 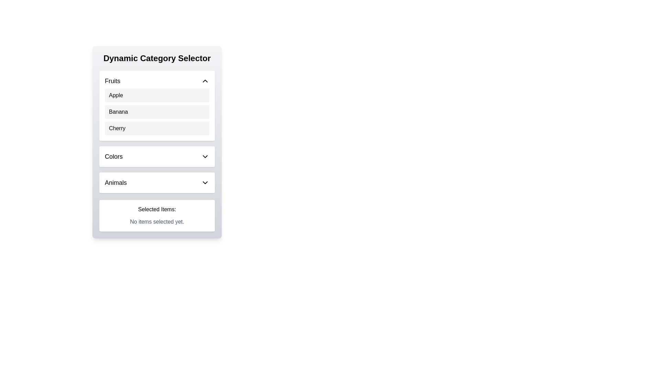 I want to click on the selectable list item for 'Cherry' in the 'Fruits' category, so click(x=117, y=128).